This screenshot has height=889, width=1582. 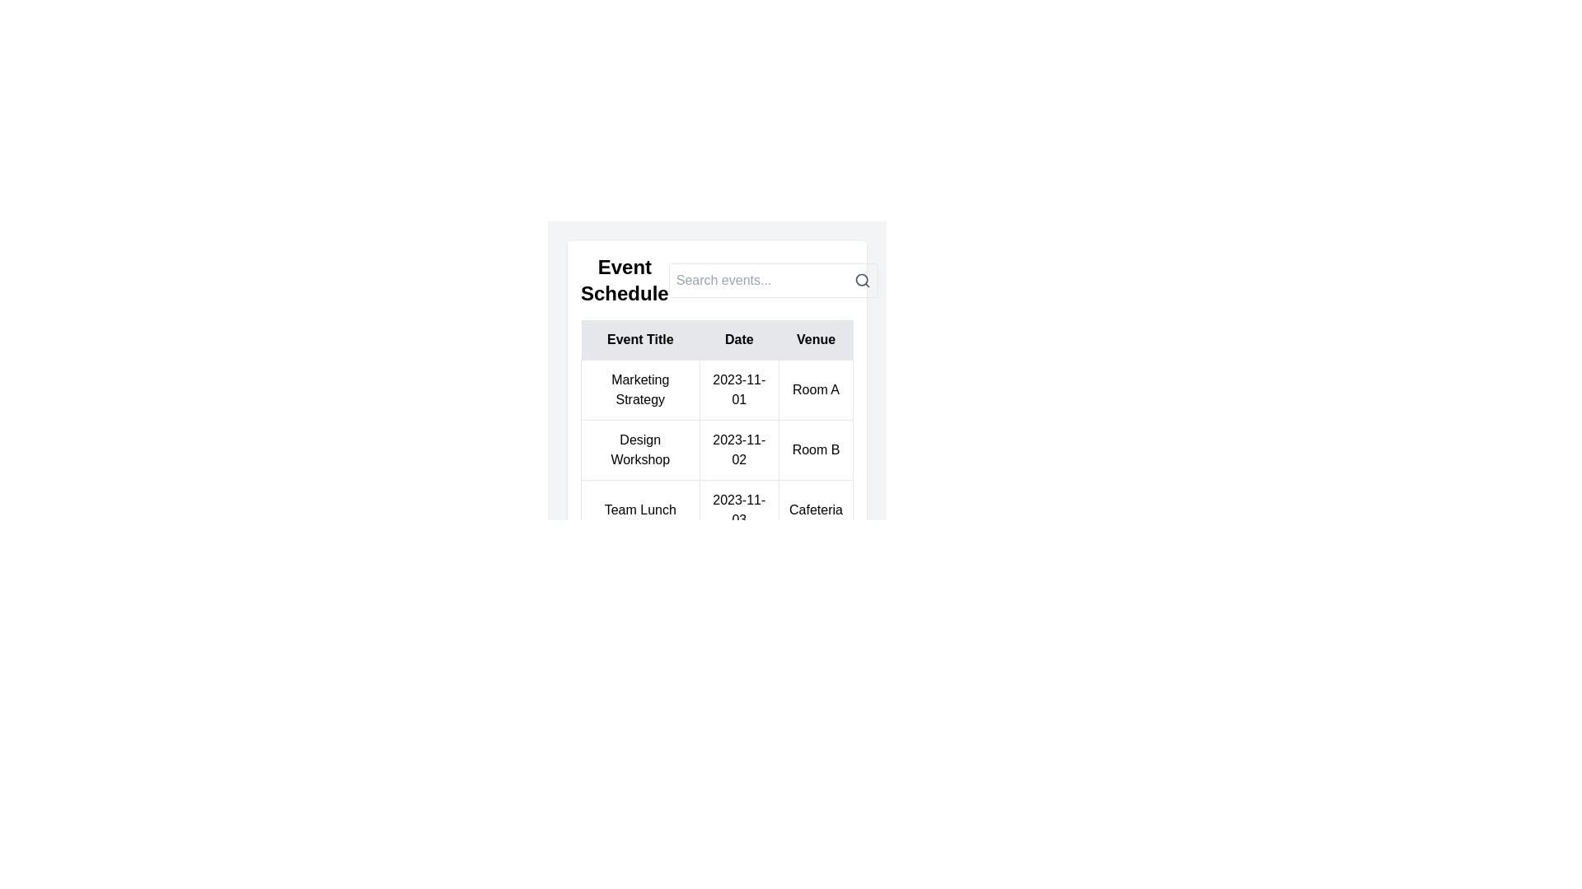 I want to click on the 'Team Lunch' table row in the third row of the table, so click(x=717, y=510).